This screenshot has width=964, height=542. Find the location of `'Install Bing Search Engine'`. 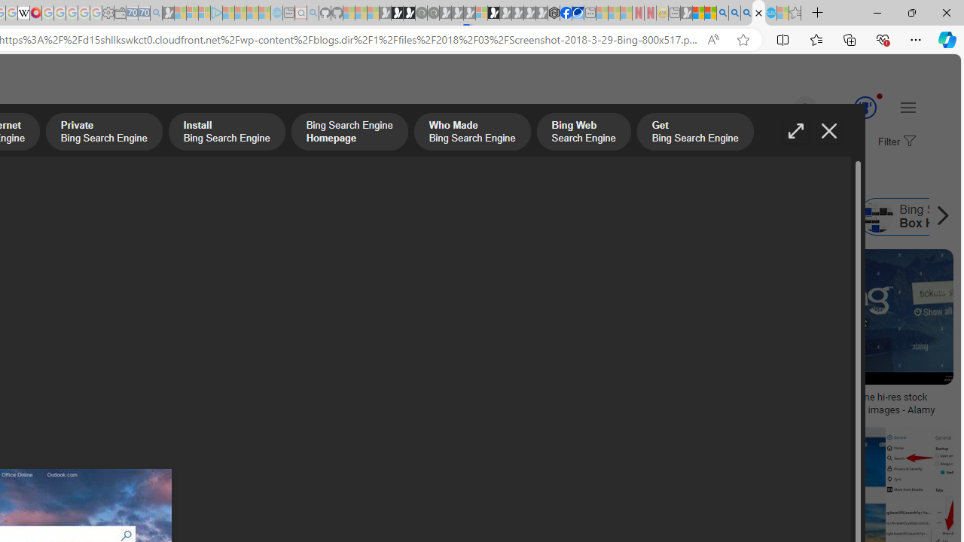

'Install Bing Search Engine' is located at coordinates (225, 132).